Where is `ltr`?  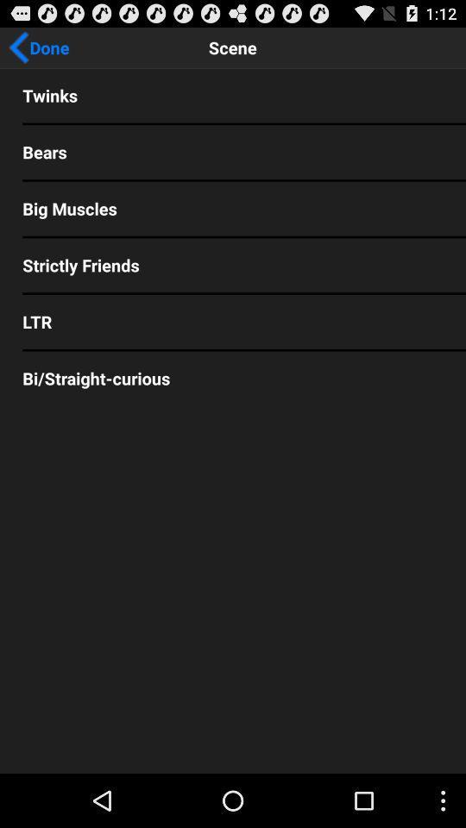 ltr is located at coordinates (233, 321).